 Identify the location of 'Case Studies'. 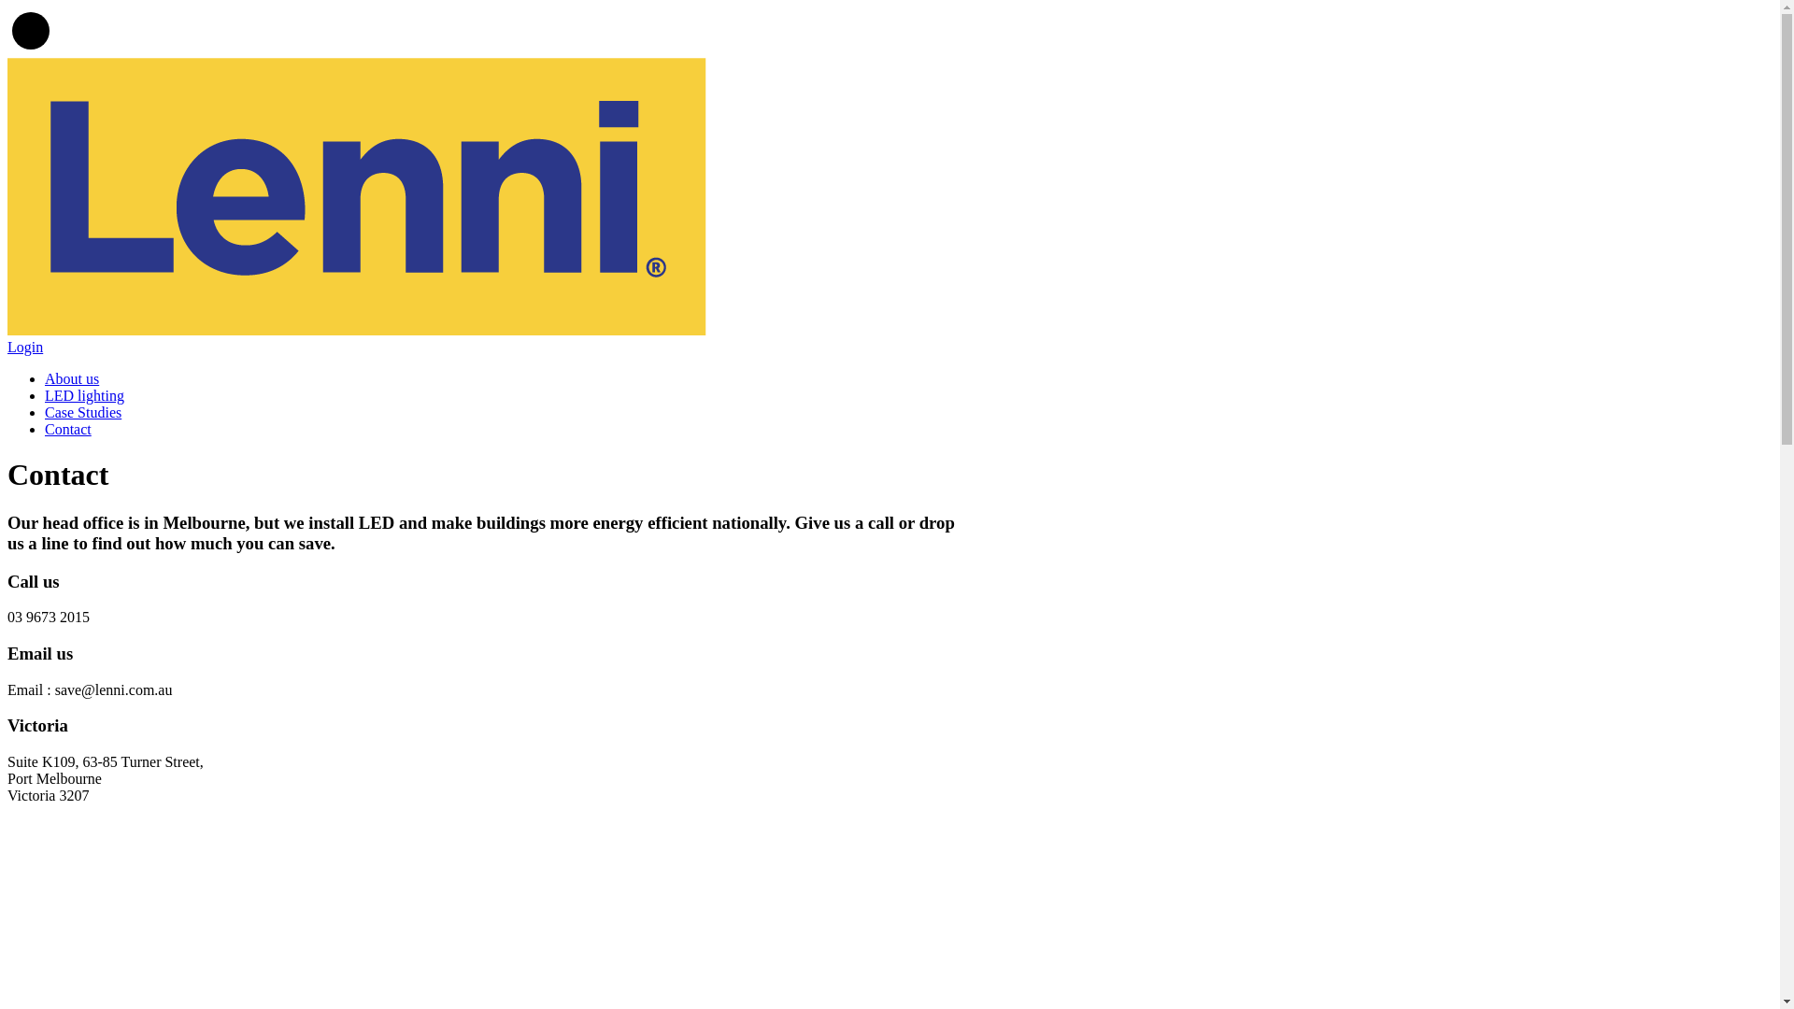
(82, 411).